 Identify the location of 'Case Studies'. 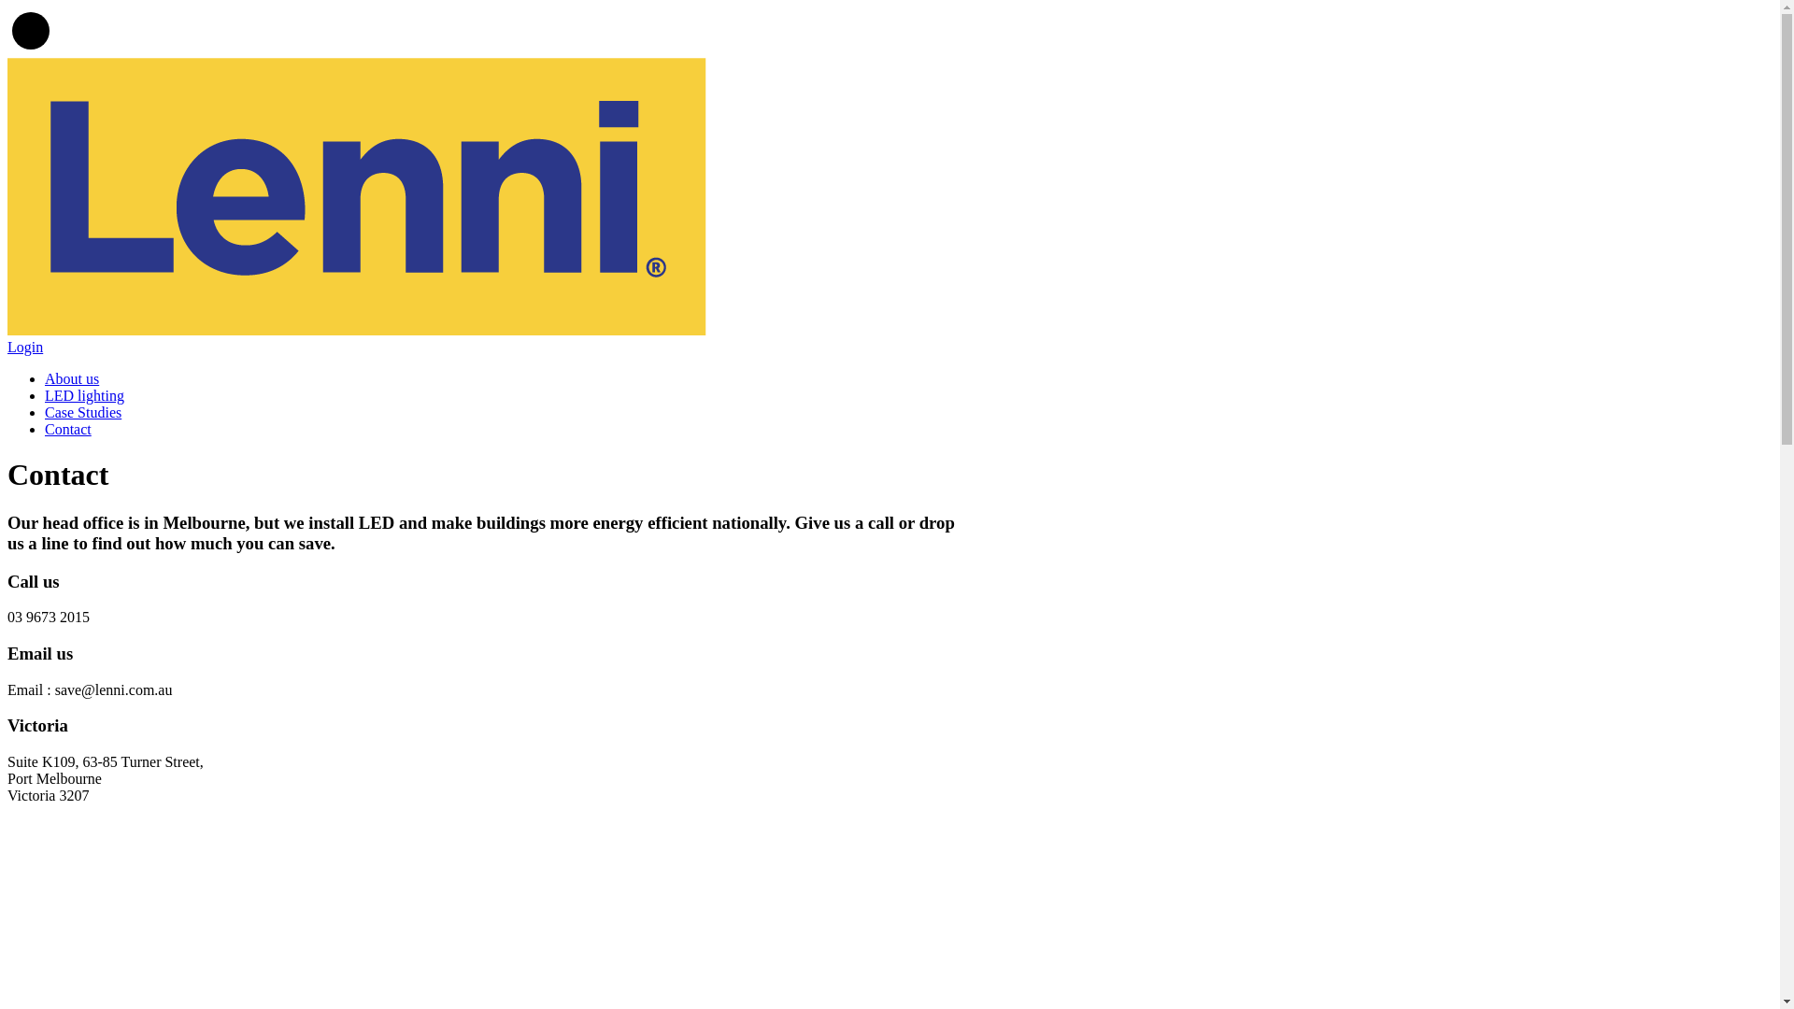
(82, 411).